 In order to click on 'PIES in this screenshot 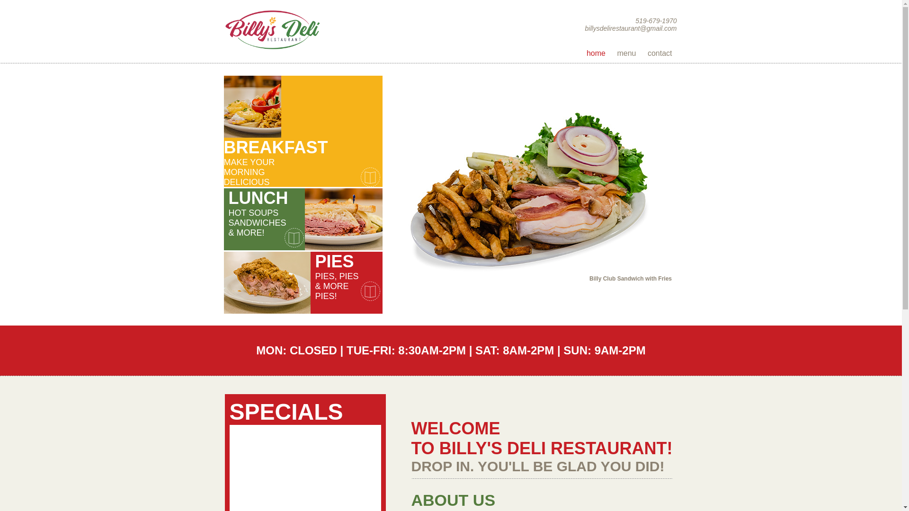, I will do `click(302, 282)`.